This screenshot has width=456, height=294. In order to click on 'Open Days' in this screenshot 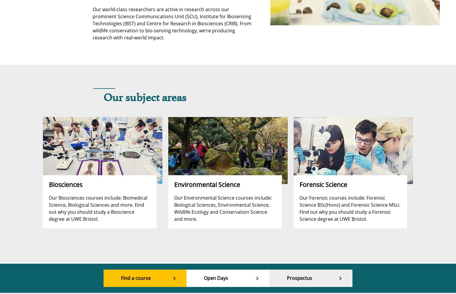, I will do `click(216, 278)`.